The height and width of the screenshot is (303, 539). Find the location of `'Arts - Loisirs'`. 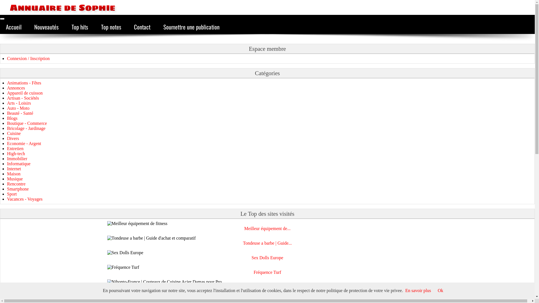

'Arts - Loisirs' is located at coordinates (19, 103).